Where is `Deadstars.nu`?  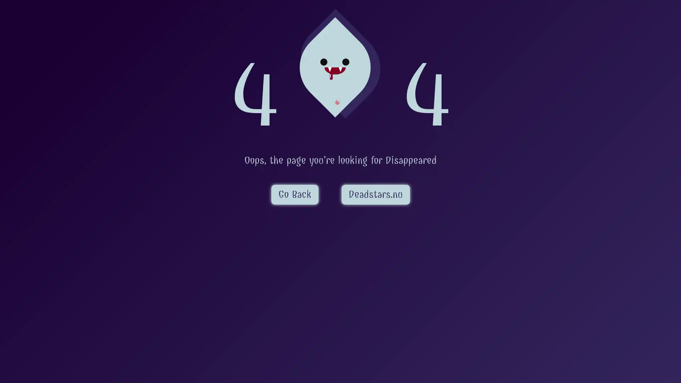 Deadstars.nu is located at coordinates (375, 194).